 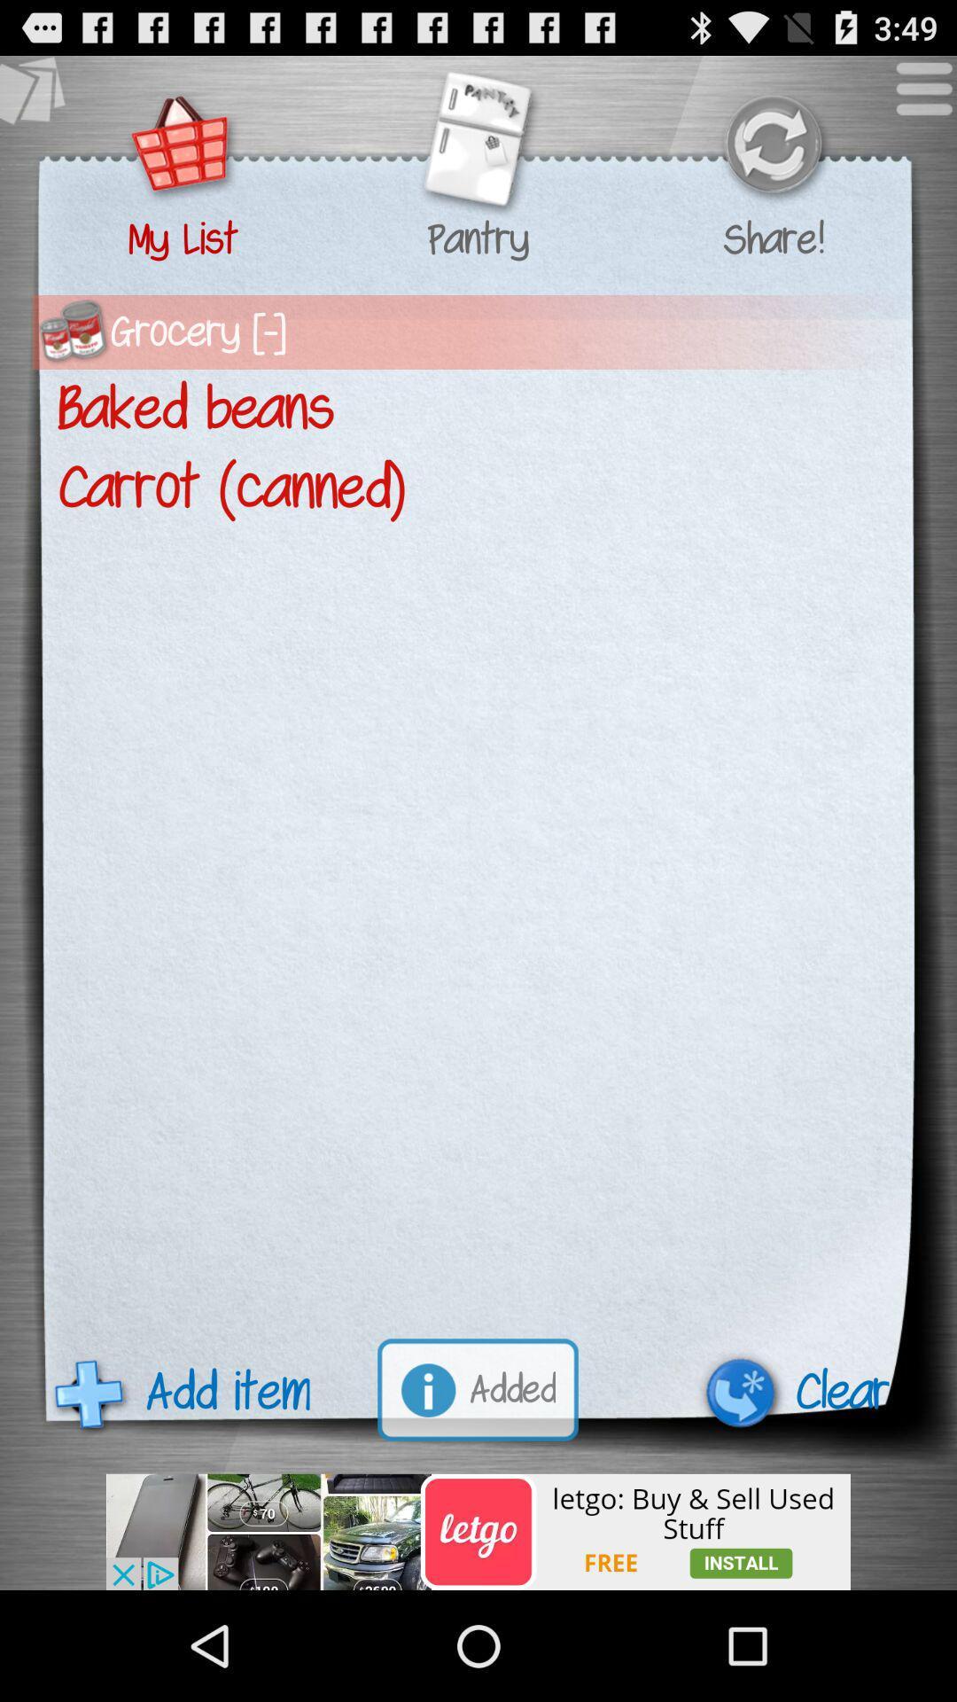 I want to click on refresh button, so click(x=772, y=146).